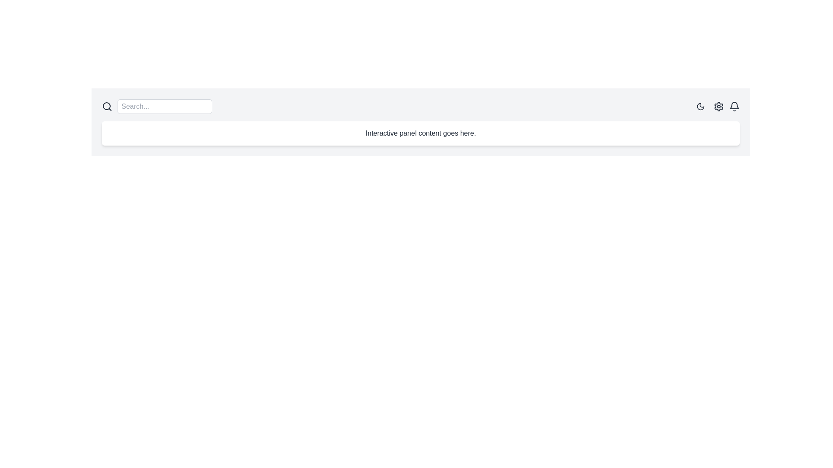  What do you see at coordinates (718, 106) in the screenshot?
I see `the settings icon` at bounding box center [718, 106].